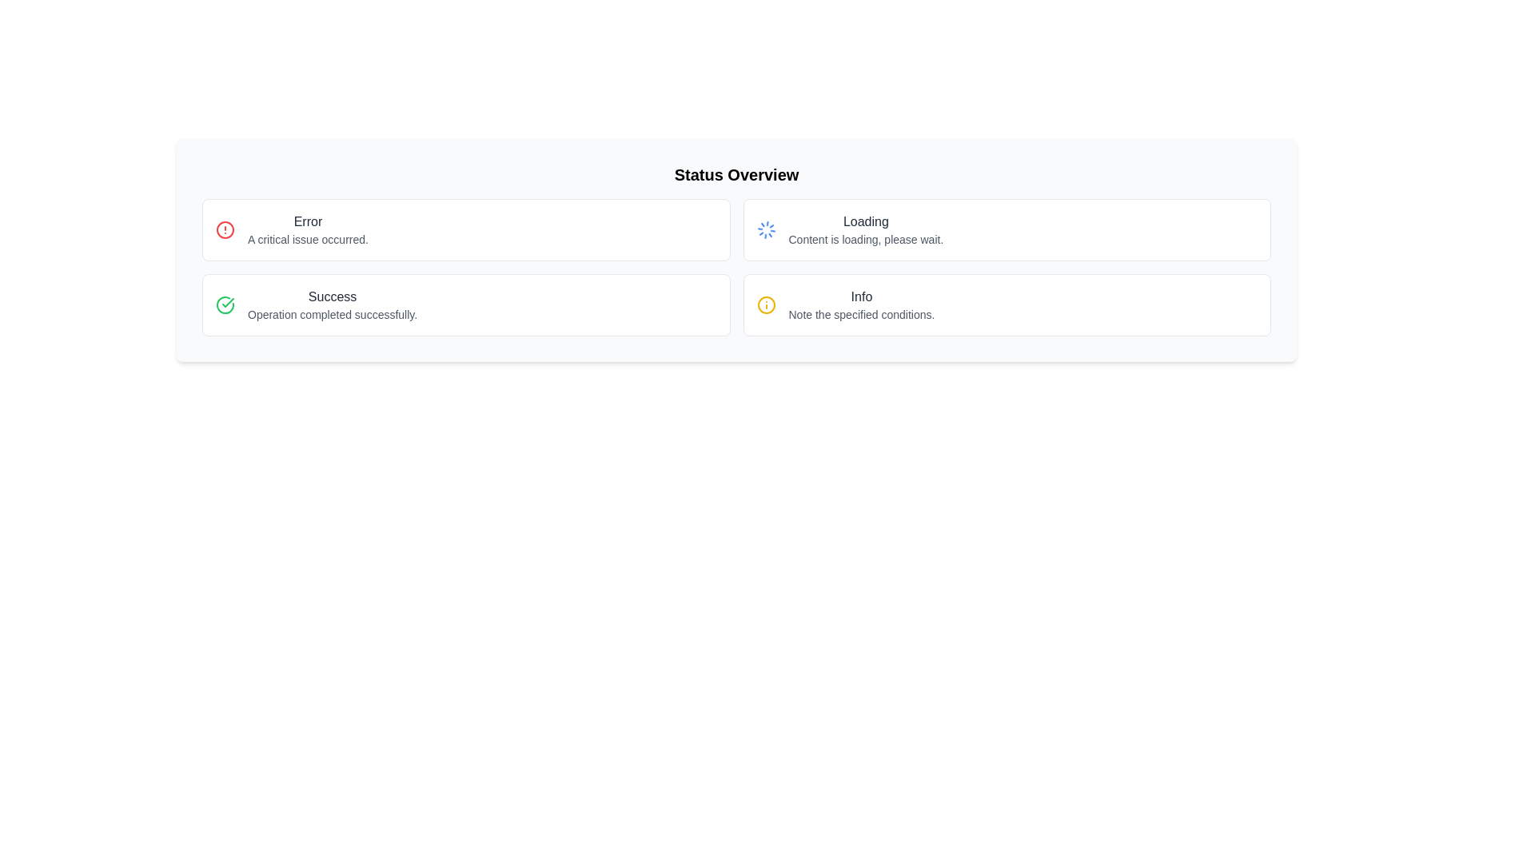  What do you see at coordinates (332, 304) in the screenshot?
I see `the textual information display that indicates a successful operation, located in the second tile of the 'Status Overview' grid layout` at bounding box center [332, 304].